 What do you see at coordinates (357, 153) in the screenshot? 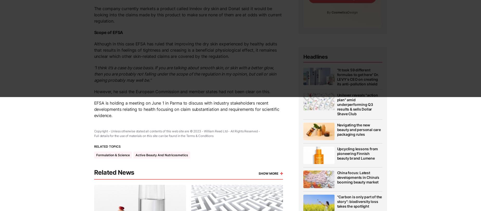
I see `'Upcycling lessons from pioneering Finnish beauty brand Lumene'` at bounding box center [357, 153].